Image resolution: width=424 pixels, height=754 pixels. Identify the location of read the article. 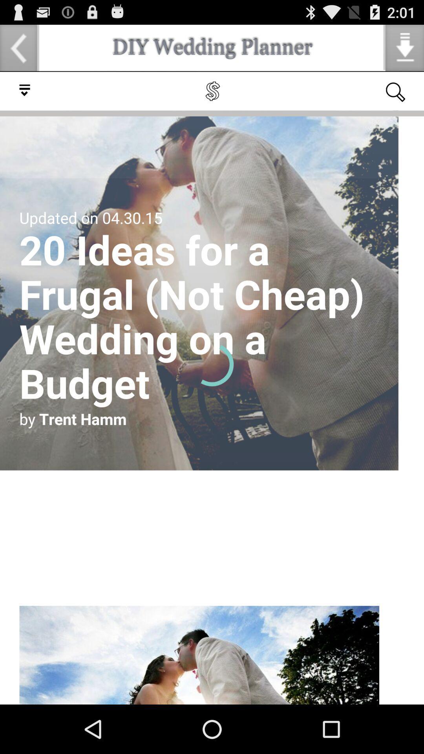
(212, 388).